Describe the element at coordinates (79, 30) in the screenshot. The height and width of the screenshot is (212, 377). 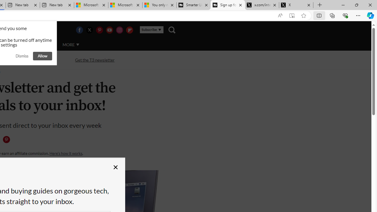
I see `'Visit us on Facebook'` at that location.